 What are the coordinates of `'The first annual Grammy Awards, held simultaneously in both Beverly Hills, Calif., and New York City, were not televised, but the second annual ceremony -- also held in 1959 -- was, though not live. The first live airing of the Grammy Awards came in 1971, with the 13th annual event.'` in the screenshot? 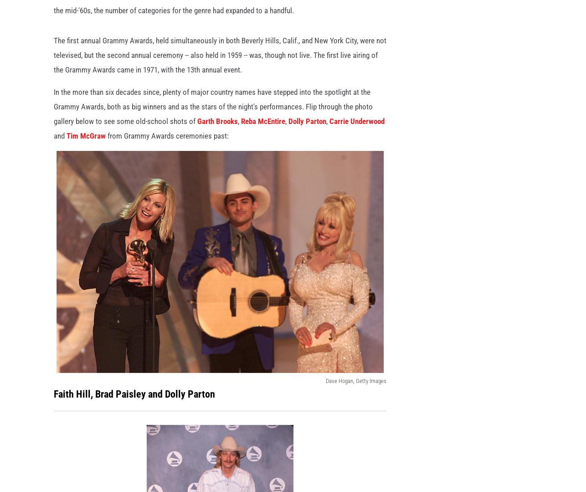 It's located at (54, 69).